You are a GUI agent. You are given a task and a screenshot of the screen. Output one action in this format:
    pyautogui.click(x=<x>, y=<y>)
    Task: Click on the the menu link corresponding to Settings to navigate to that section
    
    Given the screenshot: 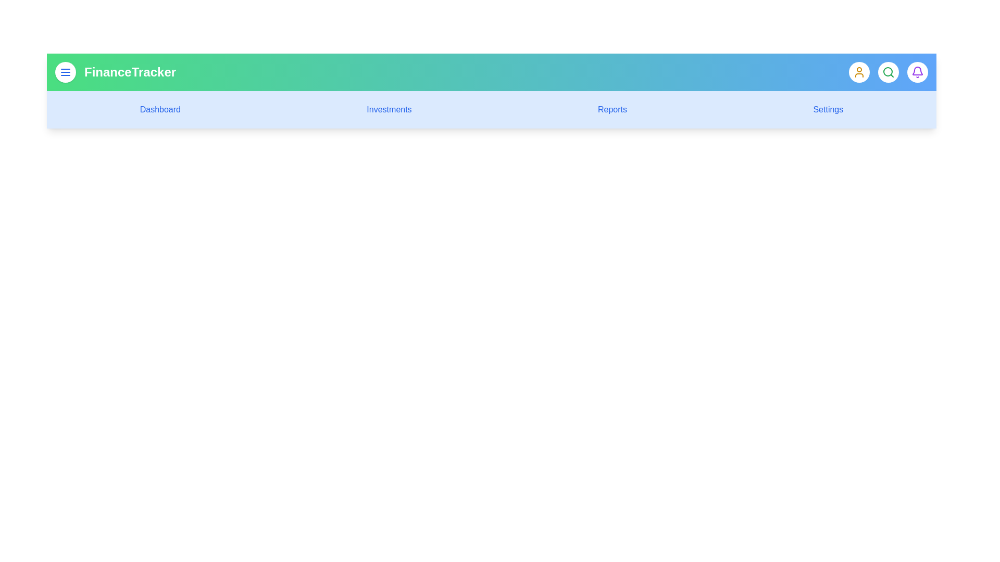 What is the action you would take?
    pyautogui.click(x=827, y=110)
    